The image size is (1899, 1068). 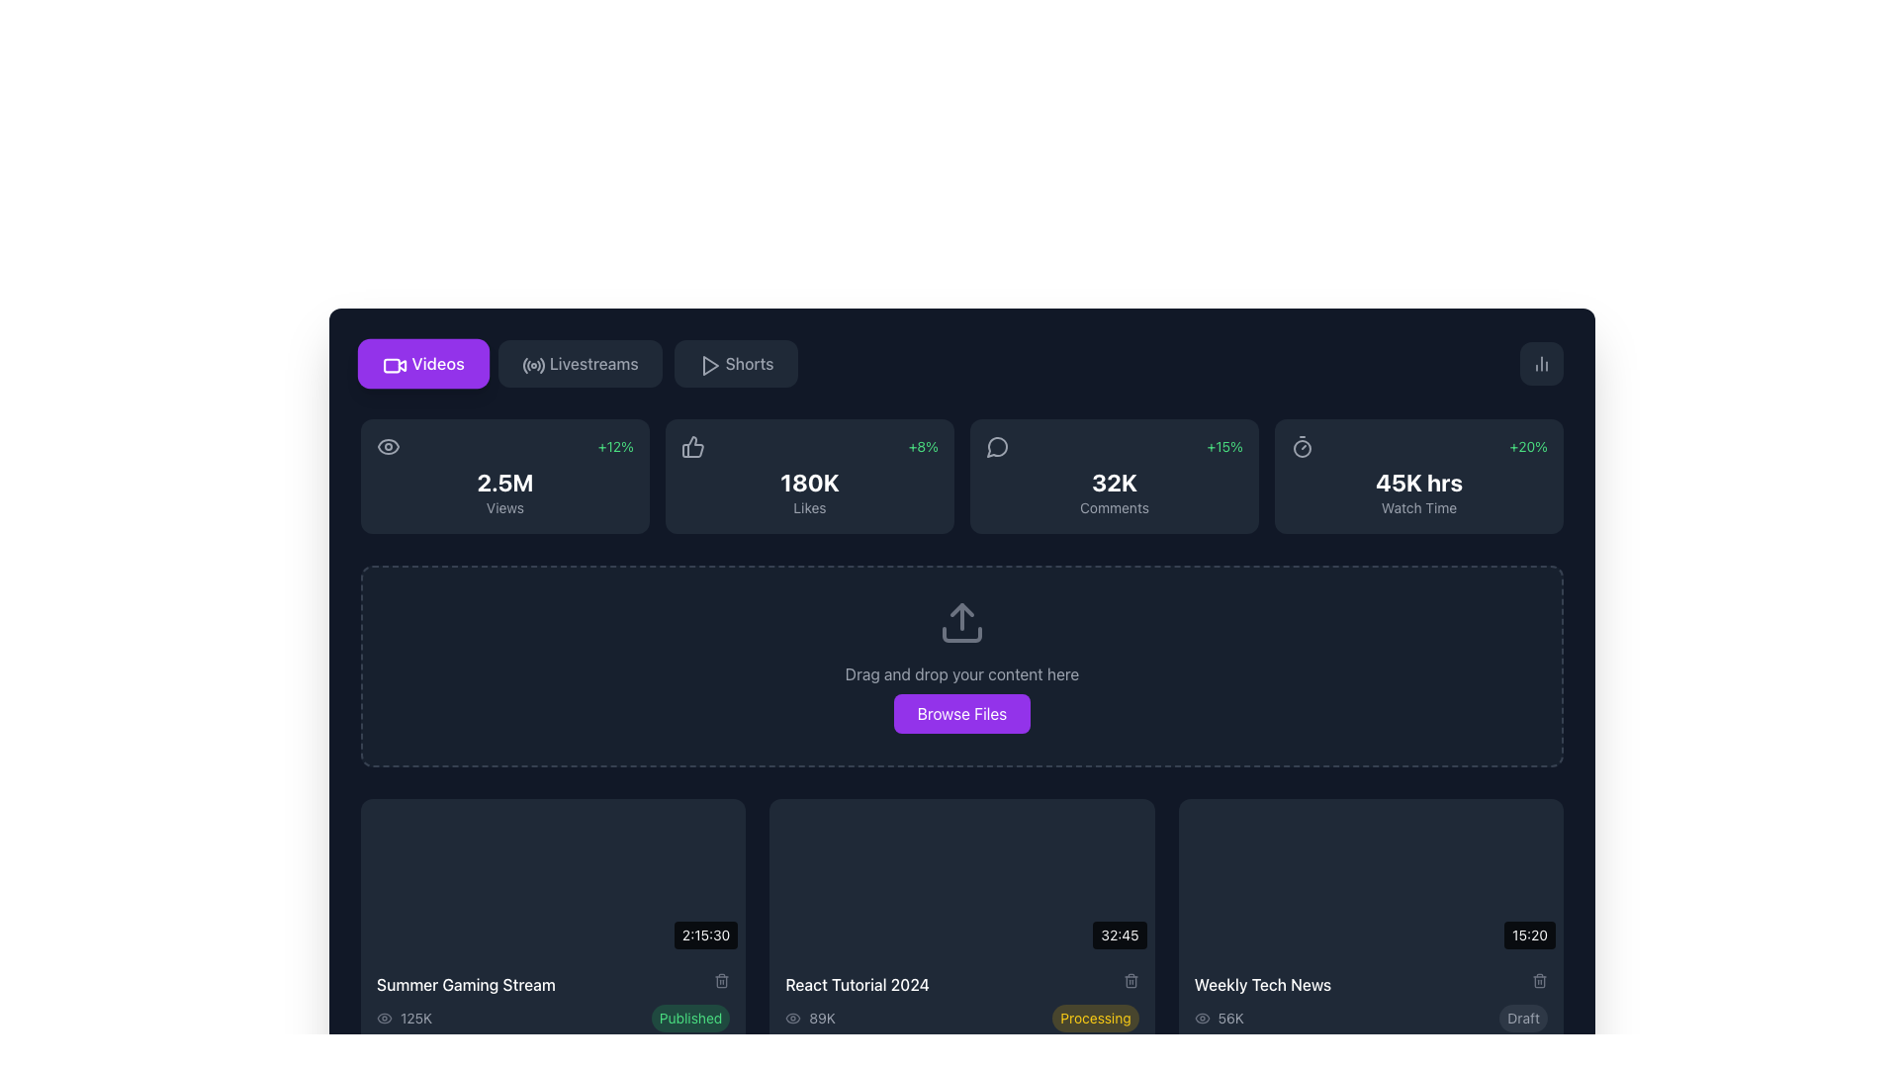 What do you see at coordinates (1541, 363) in the screenshot?
I see `the bar chart icon (SVG) located in the top-right corner of the interface` at bounding box center [1541, 363].